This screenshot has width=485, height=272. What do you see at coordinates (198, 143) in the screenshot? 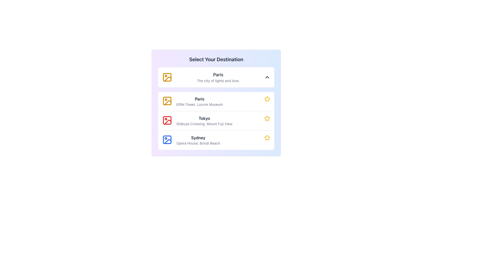
I see `the text label displaying 'Opera House, Bondi Beach', which is located directly under the bold text 'Sydney' in the list of destinations` at bounding box center [198, 143].